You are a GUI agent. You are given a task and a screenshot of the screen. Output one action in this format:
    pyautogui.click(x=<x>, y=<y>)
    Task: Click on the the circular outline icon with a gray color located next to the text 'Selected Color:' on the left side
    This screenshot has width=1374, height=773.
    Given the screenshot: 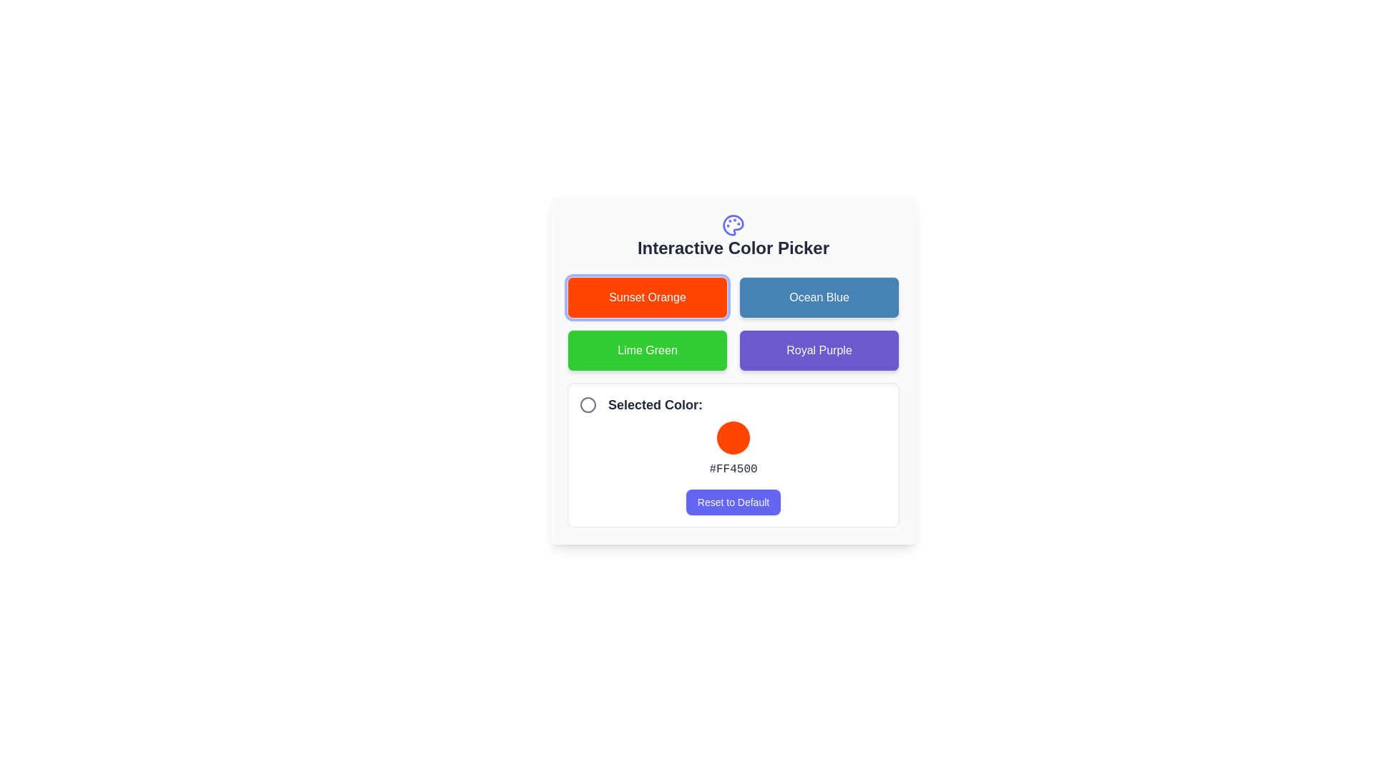 What is the action you would take?
    pyautogui.click(x=588, y=405)
    